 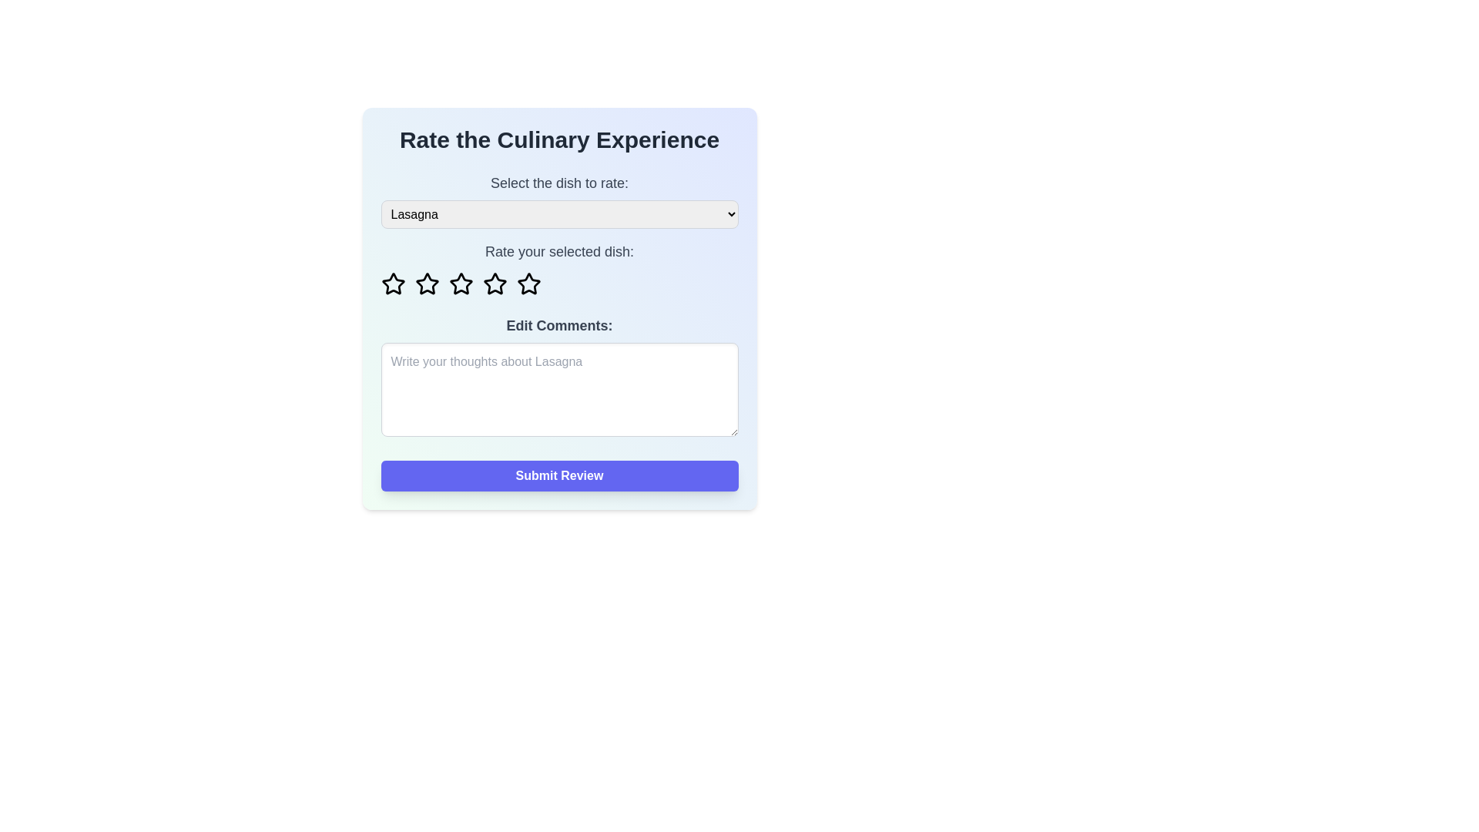 What do you see at coordinates (495, 283) in the screenshot?
I see `the third star rating icon button` at bounding box center [495, 283].